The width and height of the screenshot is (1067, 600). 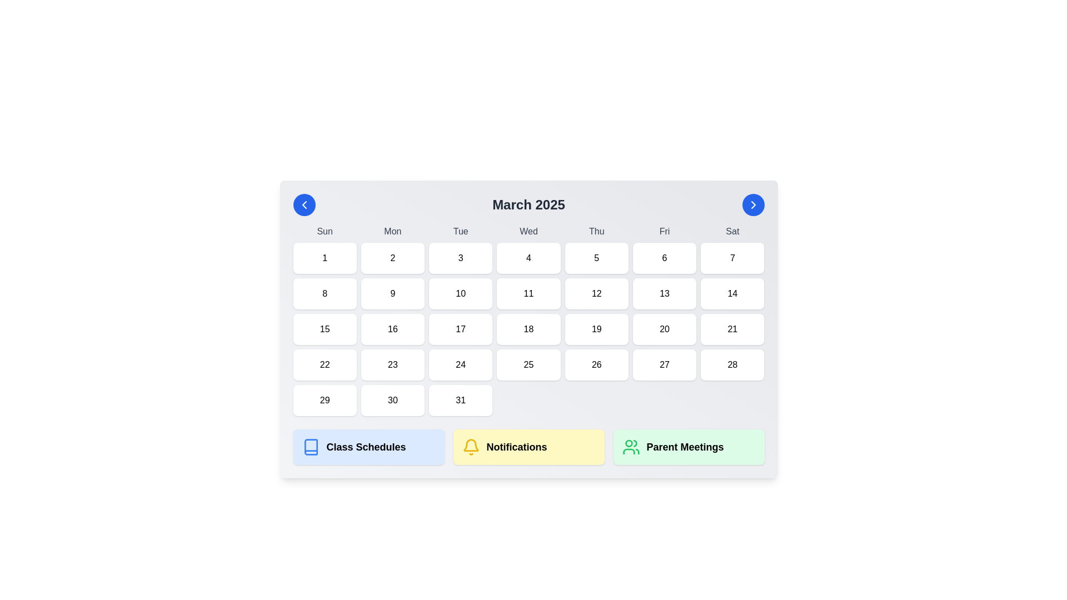 What do you see at coordinates (528, 205) in the screenshot?
I see `static text label indicating the currently displayed month and year of the calendar, which is centrally located between the left and right navigation buttons` at bounding box center [528, 205].